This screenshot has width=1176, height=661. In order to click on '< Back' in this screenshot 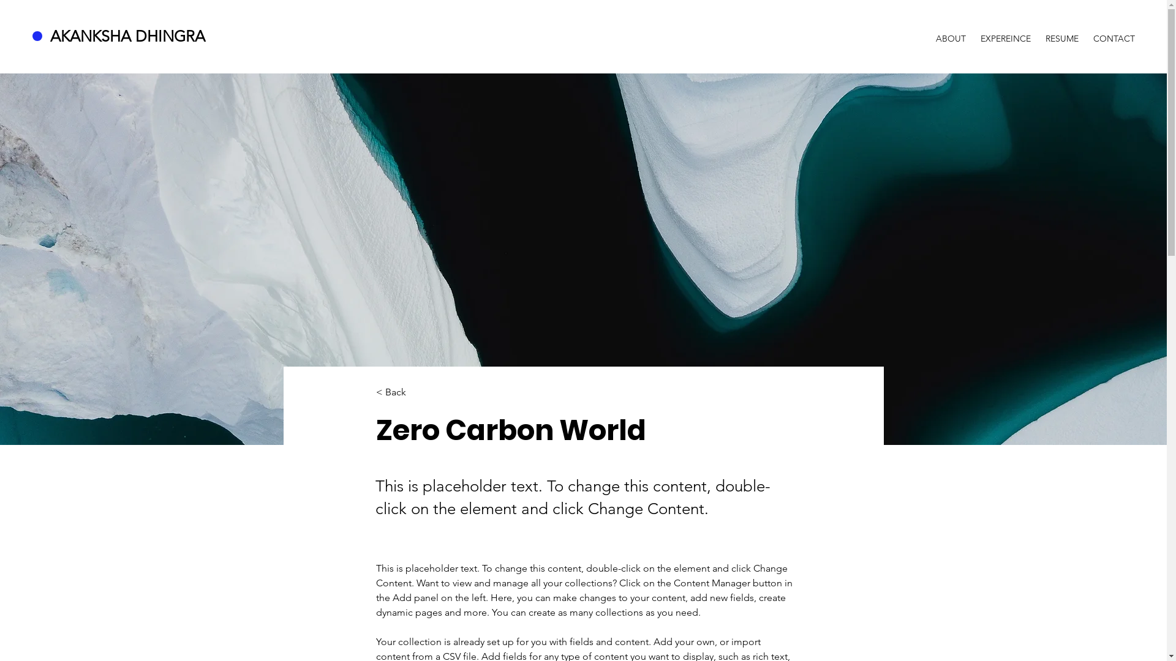, I will do `click(417, 392)`.